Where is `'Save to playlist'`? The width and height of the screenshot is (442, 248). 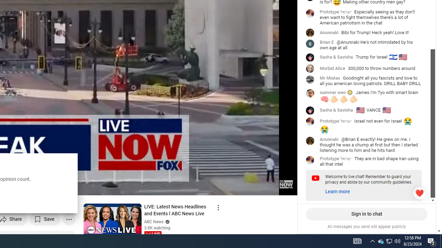 'Save to playlist' is located at coordinates (45, 219).